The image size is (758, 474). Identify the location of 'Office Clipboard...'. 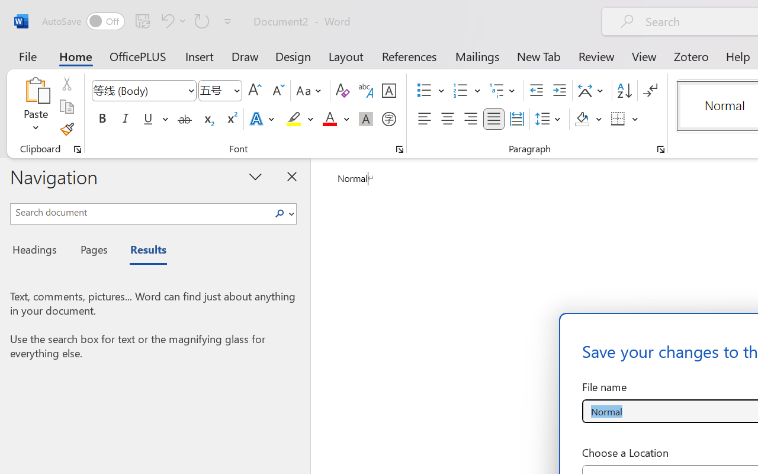
(77, 149).